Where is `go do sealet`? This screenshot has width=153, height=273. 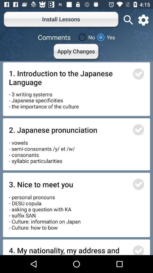 go do sealet is located at coordinates (138, 74).